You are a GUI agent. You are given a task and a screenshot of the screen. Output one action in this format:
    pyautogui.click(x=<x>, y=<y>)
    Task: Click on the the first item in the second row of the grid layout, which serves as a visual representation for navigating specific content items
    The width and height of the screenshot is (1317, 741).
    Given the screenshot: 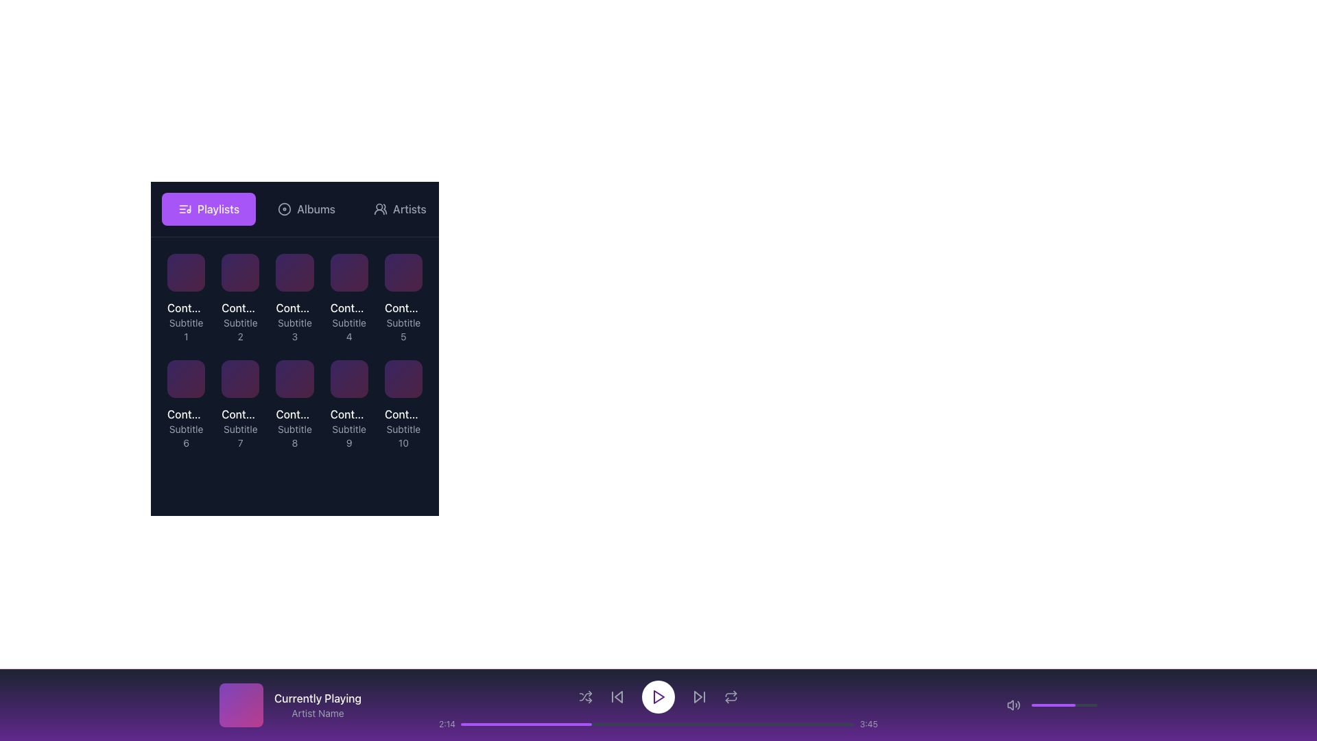 What is the action you would take?
    pyautogui.click(x=403, y=272)
    